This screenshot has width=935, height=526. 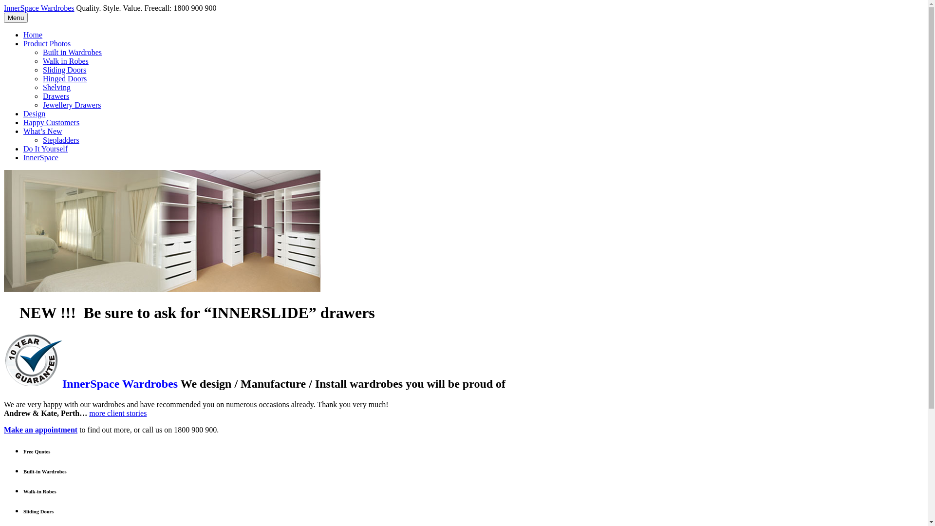 I want to click on 'Product Photos', so click(x=46, y=43).